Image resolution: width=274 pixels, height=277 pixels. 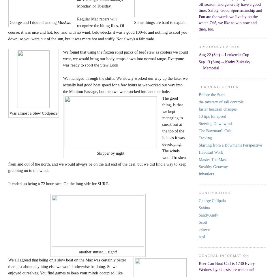 What do you see at coordinates (212, 200) in the screenshot?
I see `'George Chlipala'` at bounding box center [212, 200].